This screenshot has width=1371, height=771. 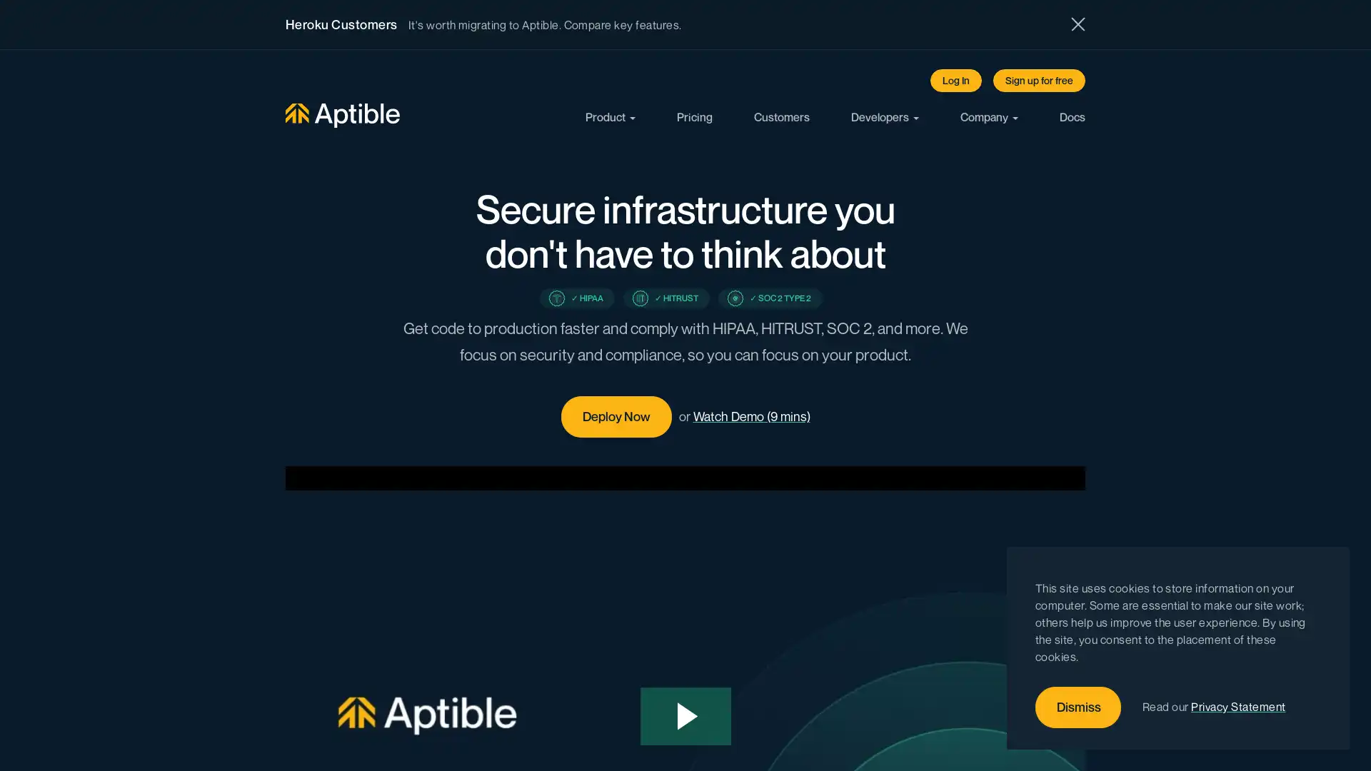 What do you see at coordinates (1039, 80) in the screenshot?
I see `Sign up for free` at bounding box center [1039, 80].